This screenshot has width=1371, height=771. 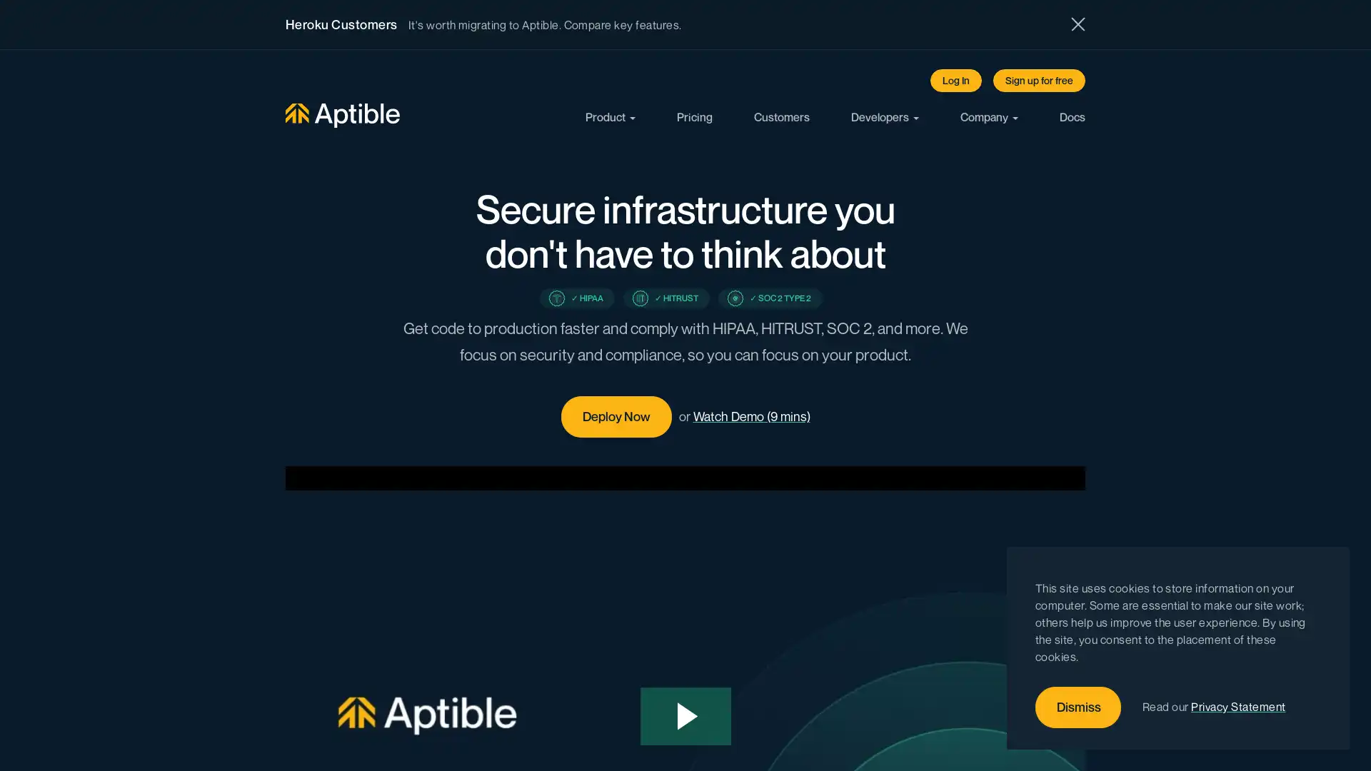 What do you see at coordinates (1039, 80) in the screenshot?
I see `Sign up for free` at bounding box center [1039, 80].